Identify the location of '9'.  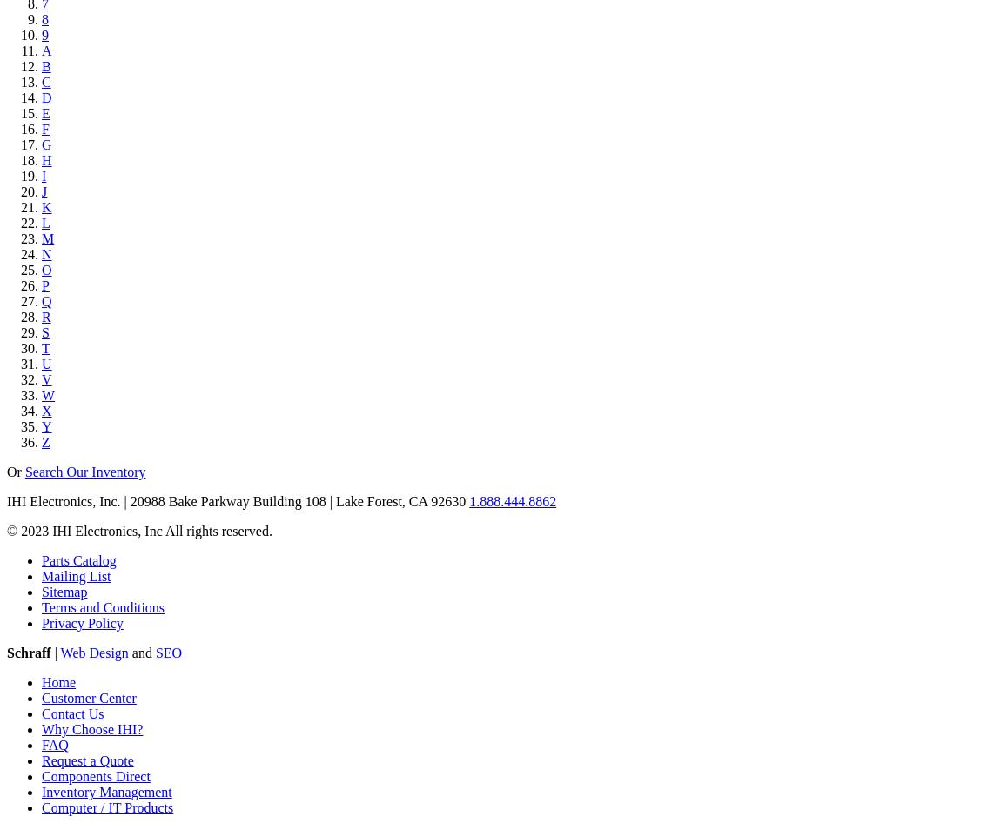
(44, 34).